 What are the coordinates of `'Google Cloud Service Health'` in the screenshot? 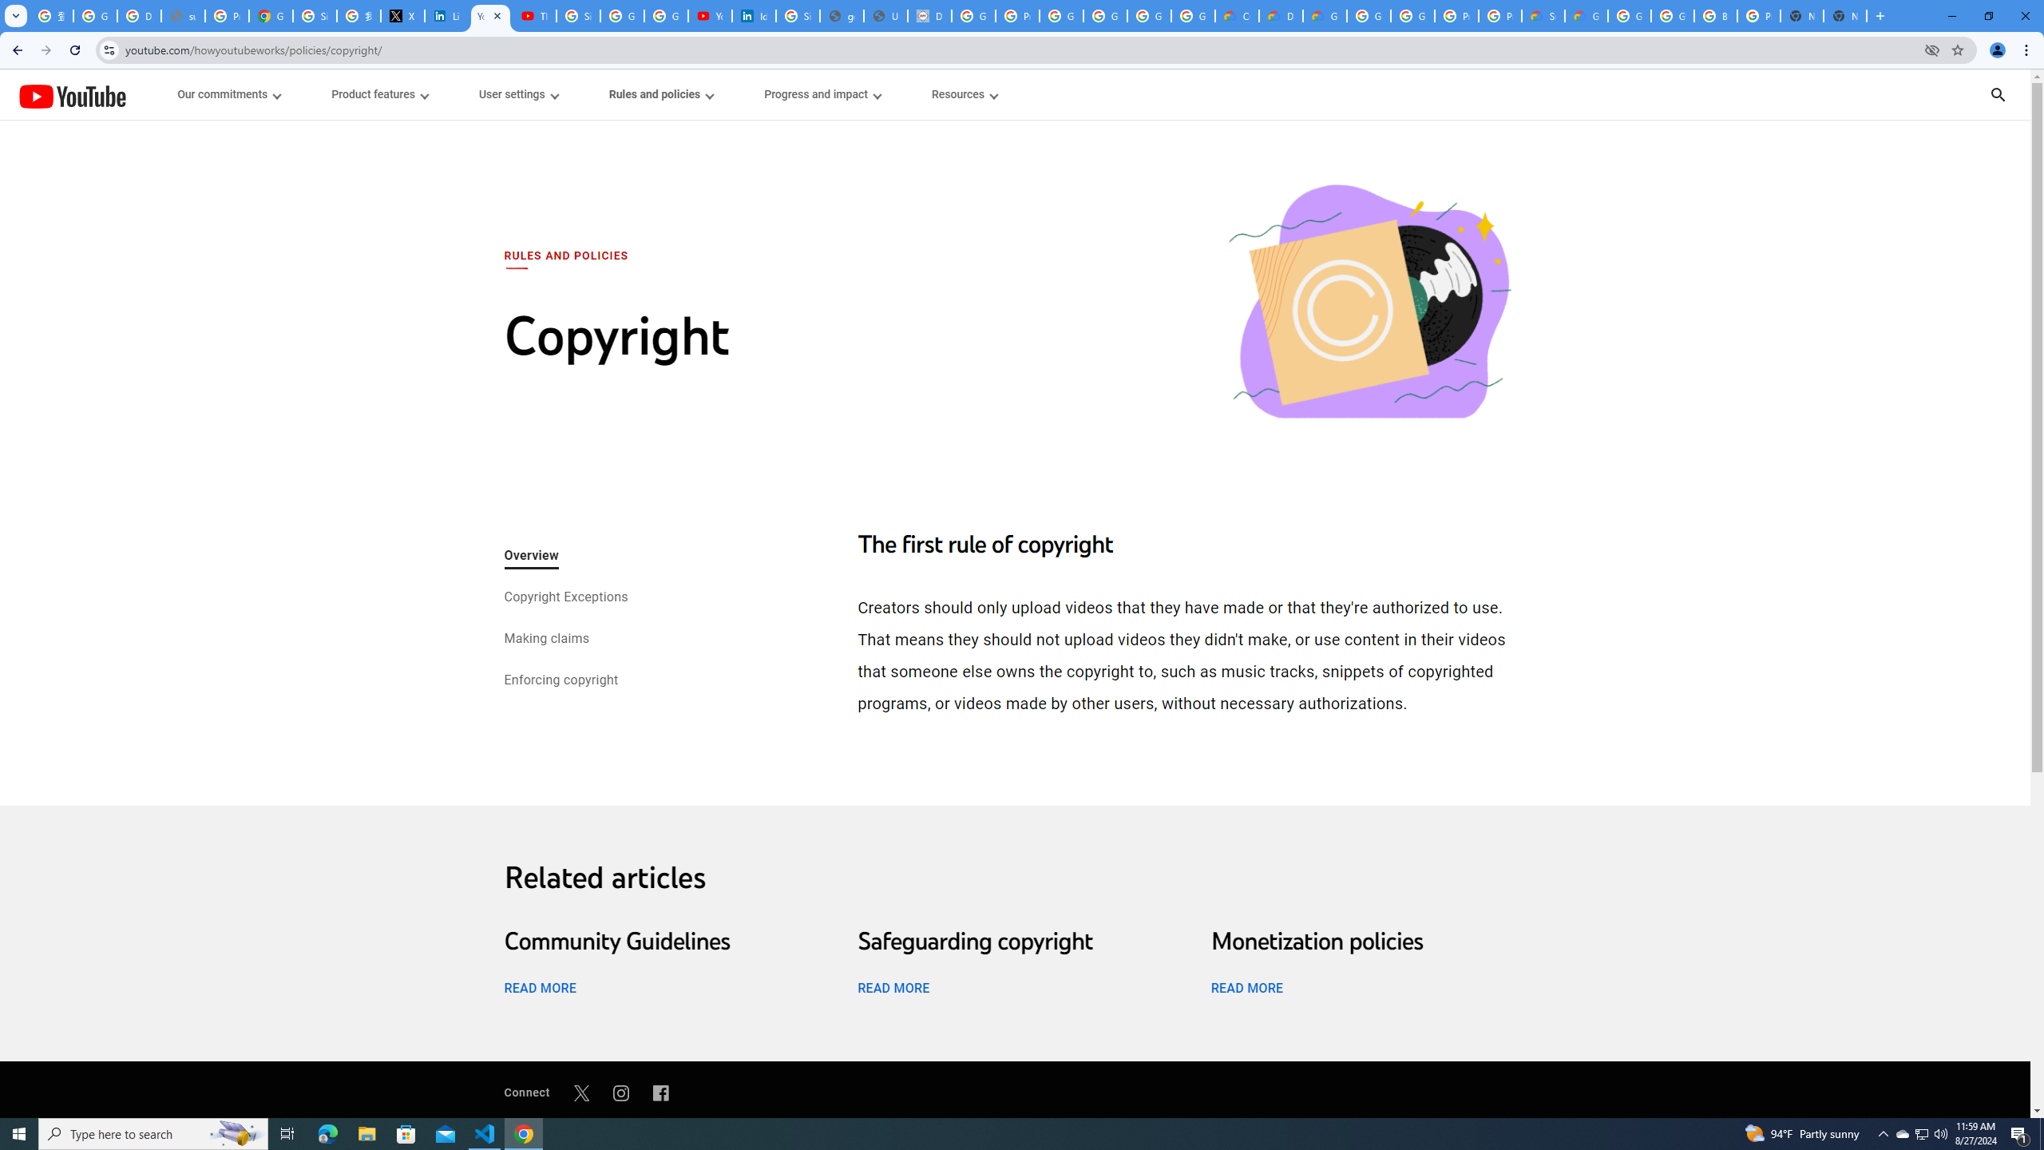 It's located at (1585, 15).